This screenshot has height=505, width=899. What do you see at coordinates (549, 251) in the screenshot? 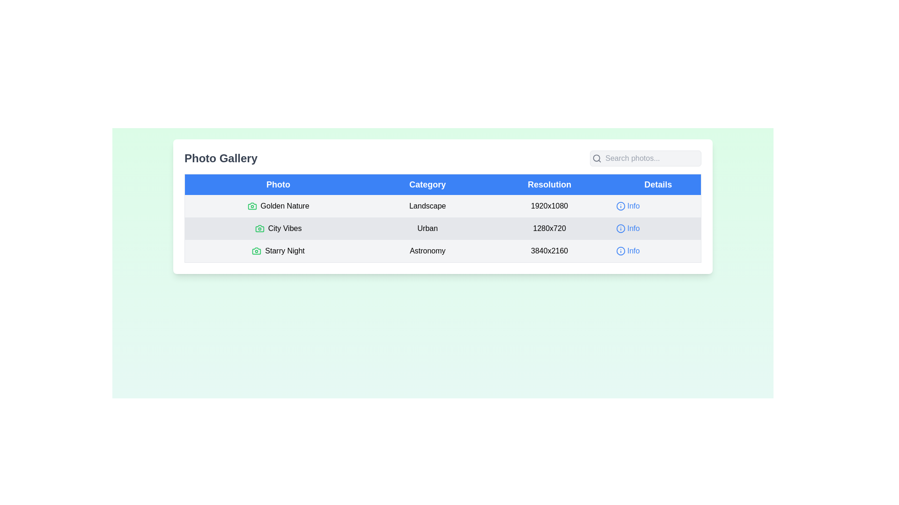
I see `the text element displaying the resolution '3840x2160'` at bounding box center [549, 251].